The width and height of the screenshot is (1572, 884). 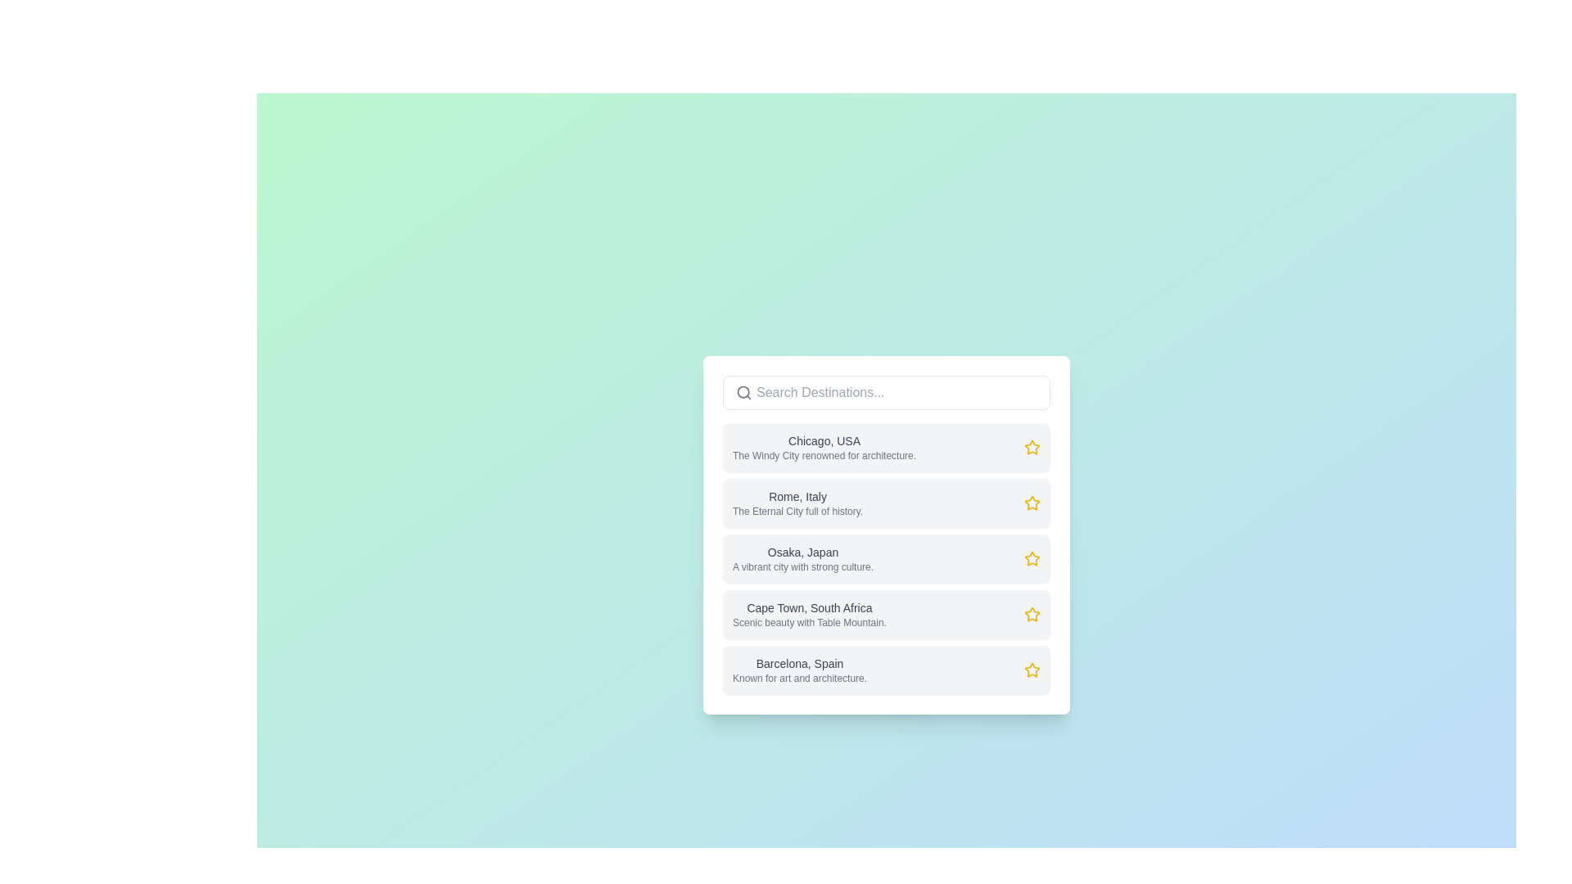 I want to click on the circular magnifying glass search icon located inside the 'Search Destinations...' input field, so click(x=743, y=392).